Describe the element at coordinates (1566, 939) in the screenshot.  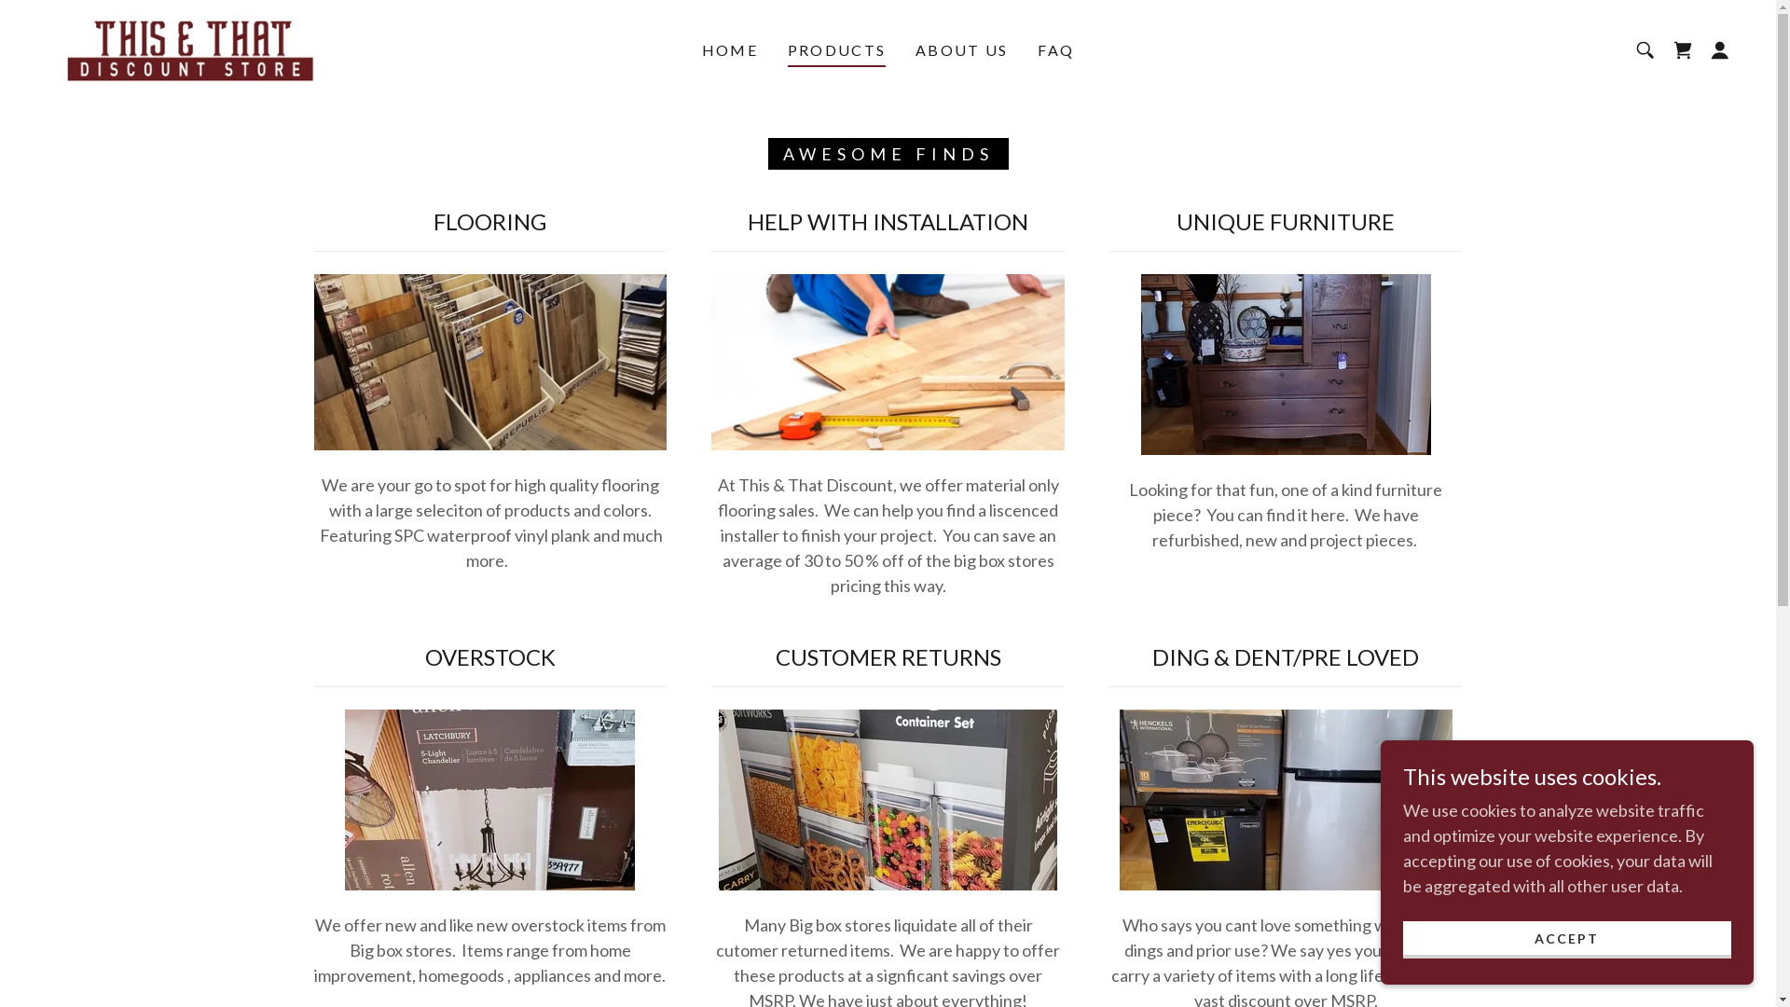
I see `'ACCEPT'` at that location.